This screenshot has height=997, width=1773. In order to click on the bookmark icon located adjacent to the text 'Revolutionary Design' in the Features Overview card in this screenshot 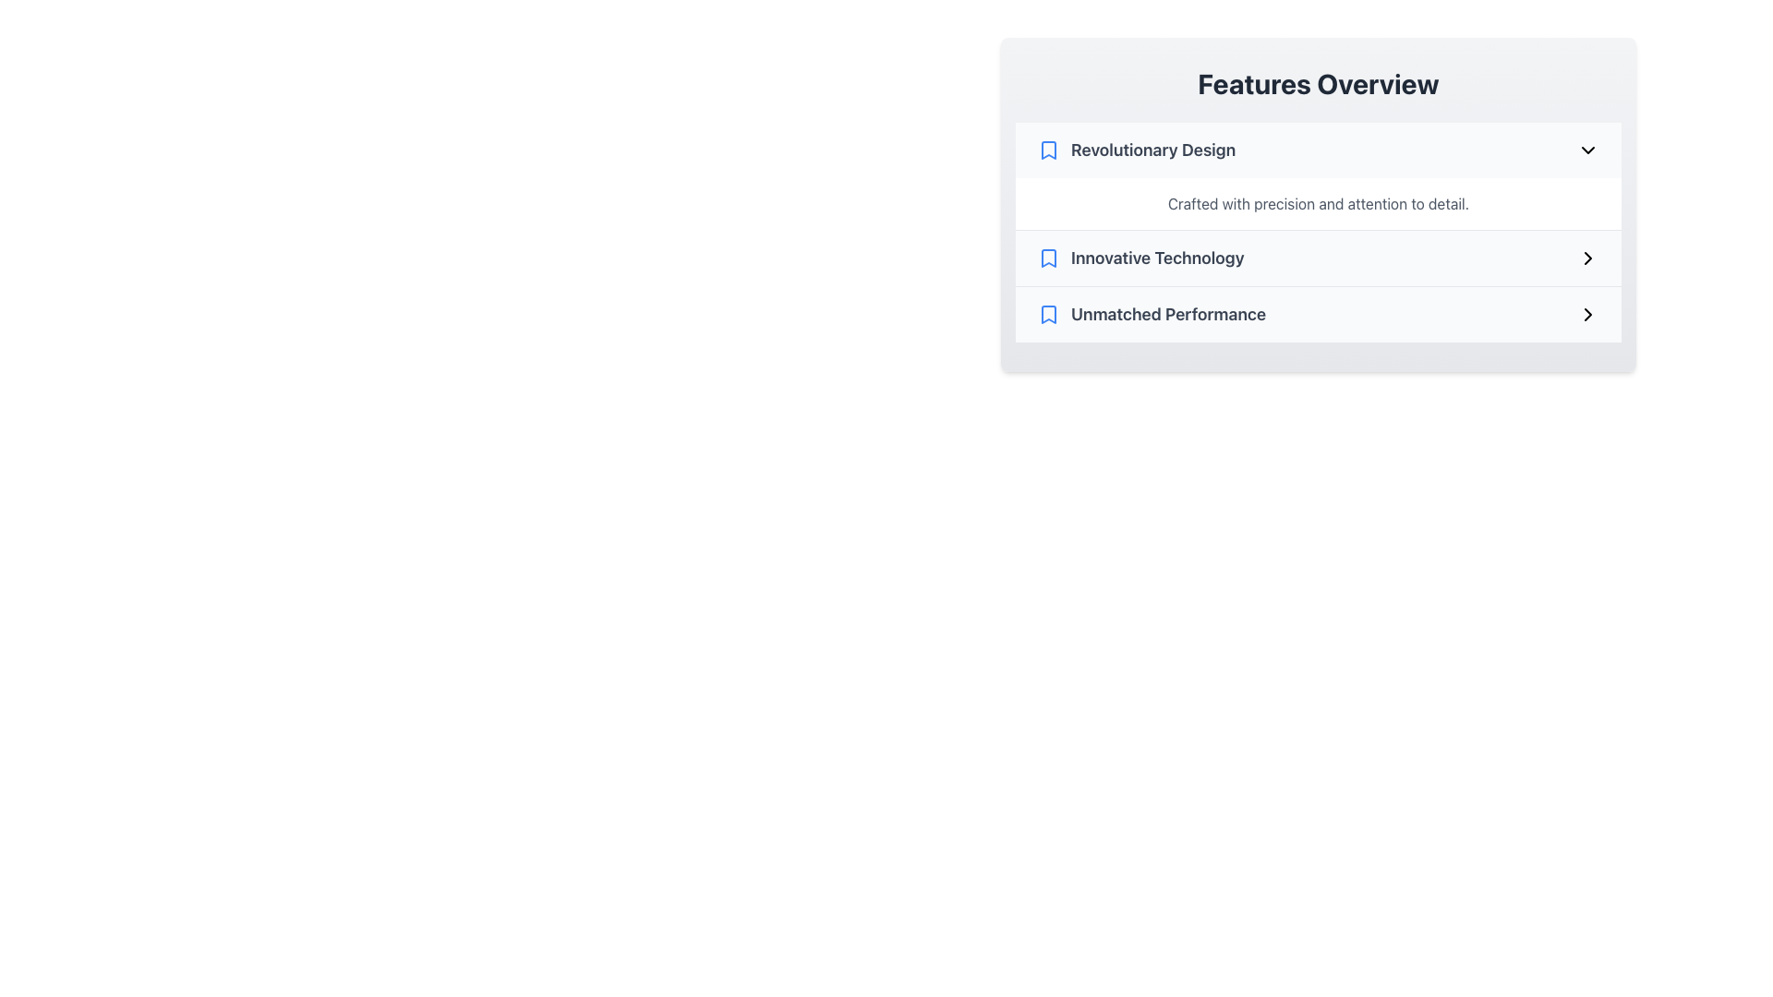, I will do `click(1049, 149)`.